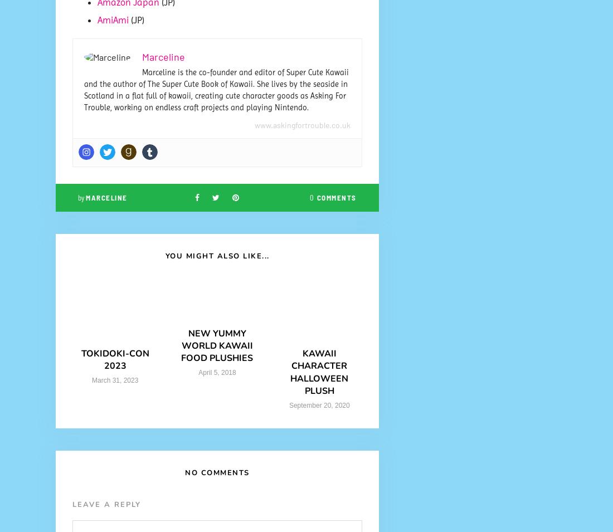 Image resolution: width=613 pixels, height=532 pixels. Describe the element at coordinates (217, 472) in the screenshot. I see `'No Comments'` at that location.